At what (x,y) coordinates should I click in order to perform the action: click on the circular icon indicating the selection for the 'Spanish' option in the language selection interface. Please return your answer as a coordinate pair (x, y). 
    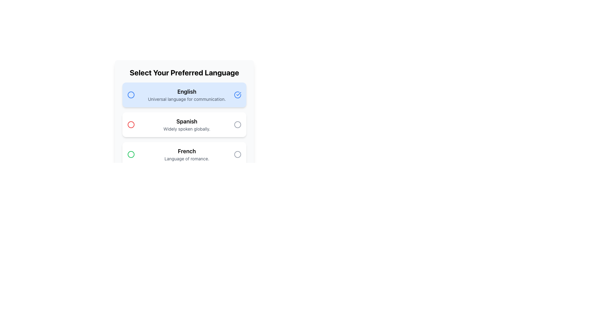
    Looking at the image, I should click on (130, 124).